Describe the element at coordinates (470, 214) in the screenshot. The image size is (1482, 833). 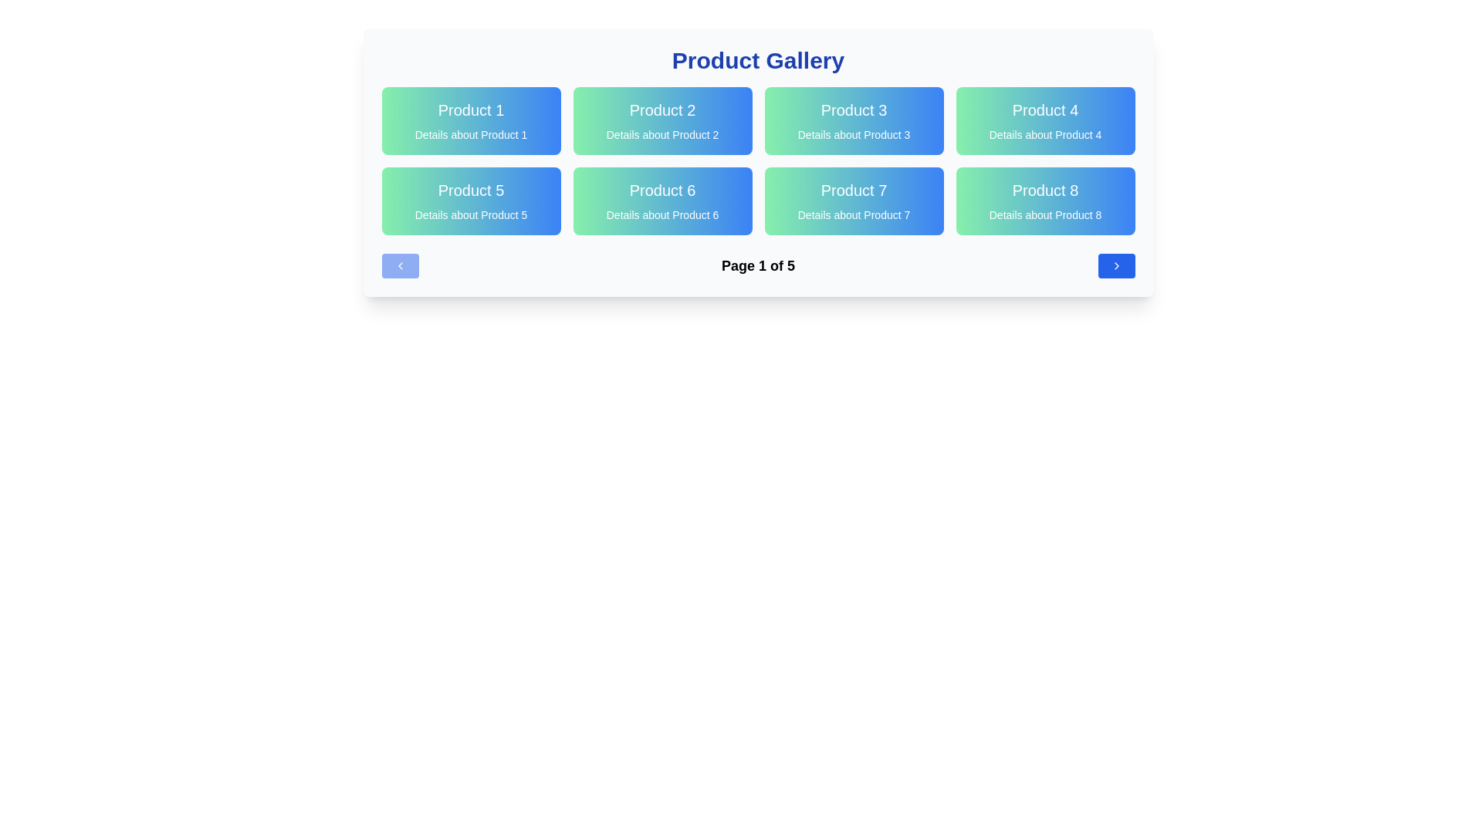
I see `the descriptive subtitle label providing additional information about 'Product 5', located below the title in the second row's first card of the product grid` at that location.